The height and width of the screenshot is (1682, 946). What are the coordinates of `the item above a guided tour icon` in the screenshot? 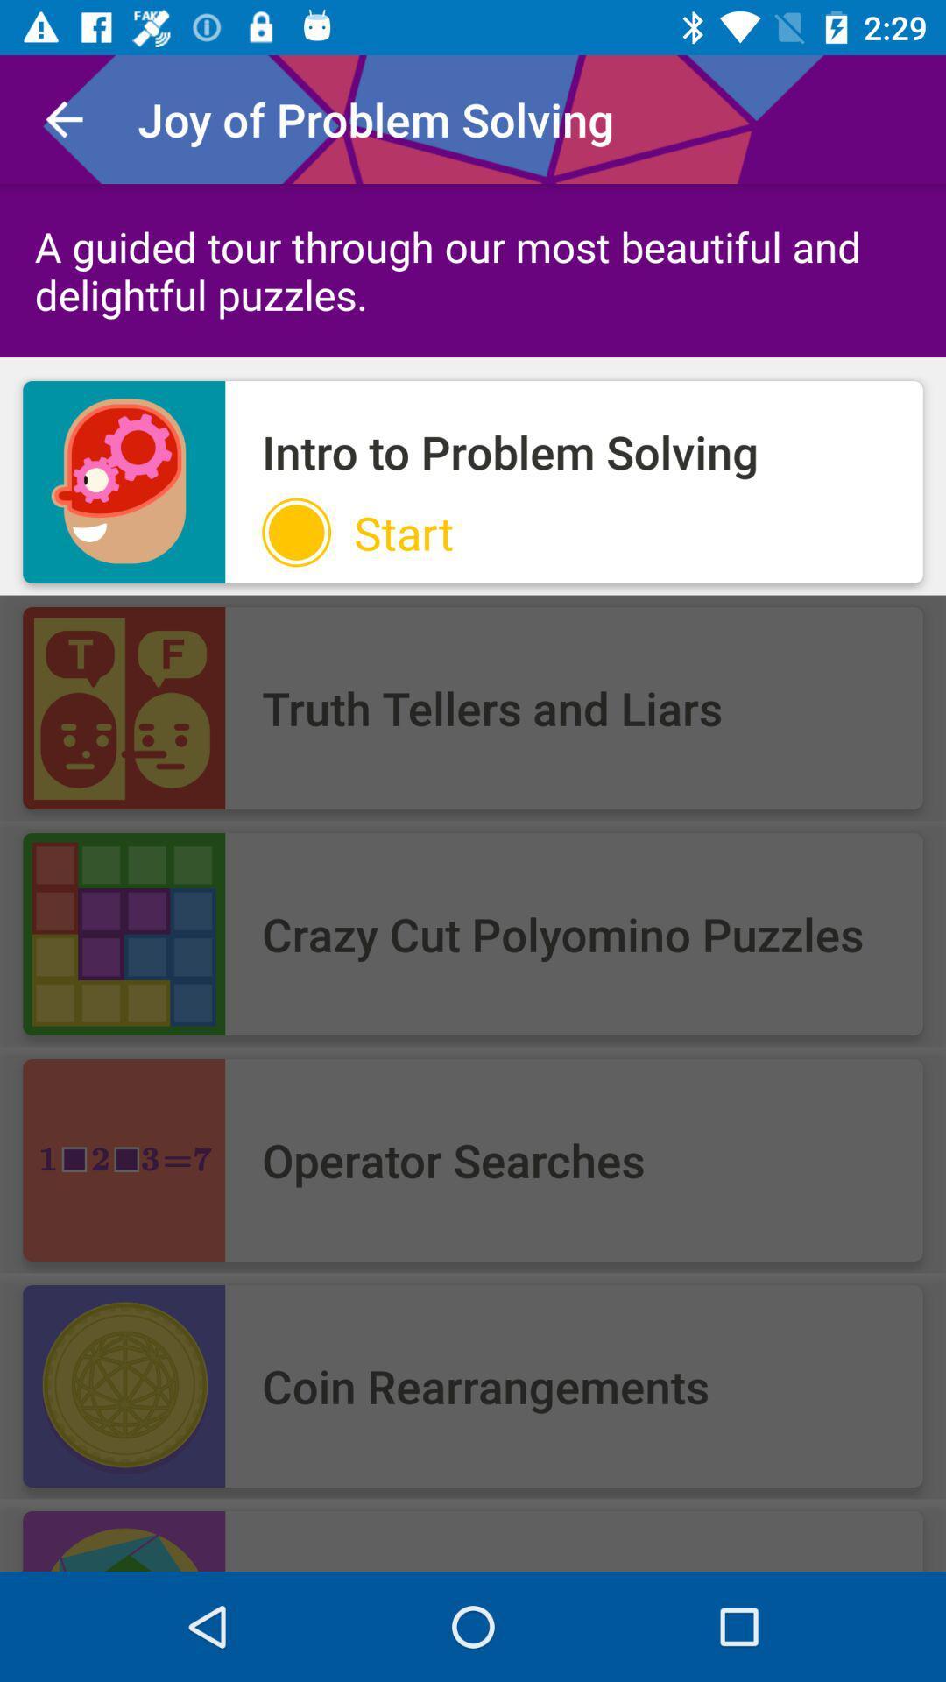 It's located at (63, 118).